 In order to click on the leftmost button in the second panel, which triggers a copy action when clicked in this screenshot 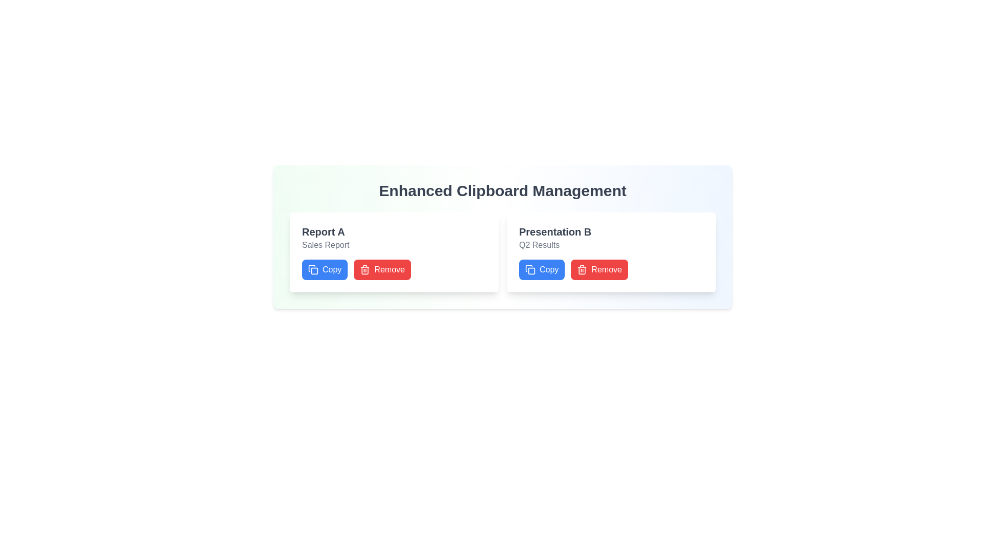, I will do `click(541, 269)`.